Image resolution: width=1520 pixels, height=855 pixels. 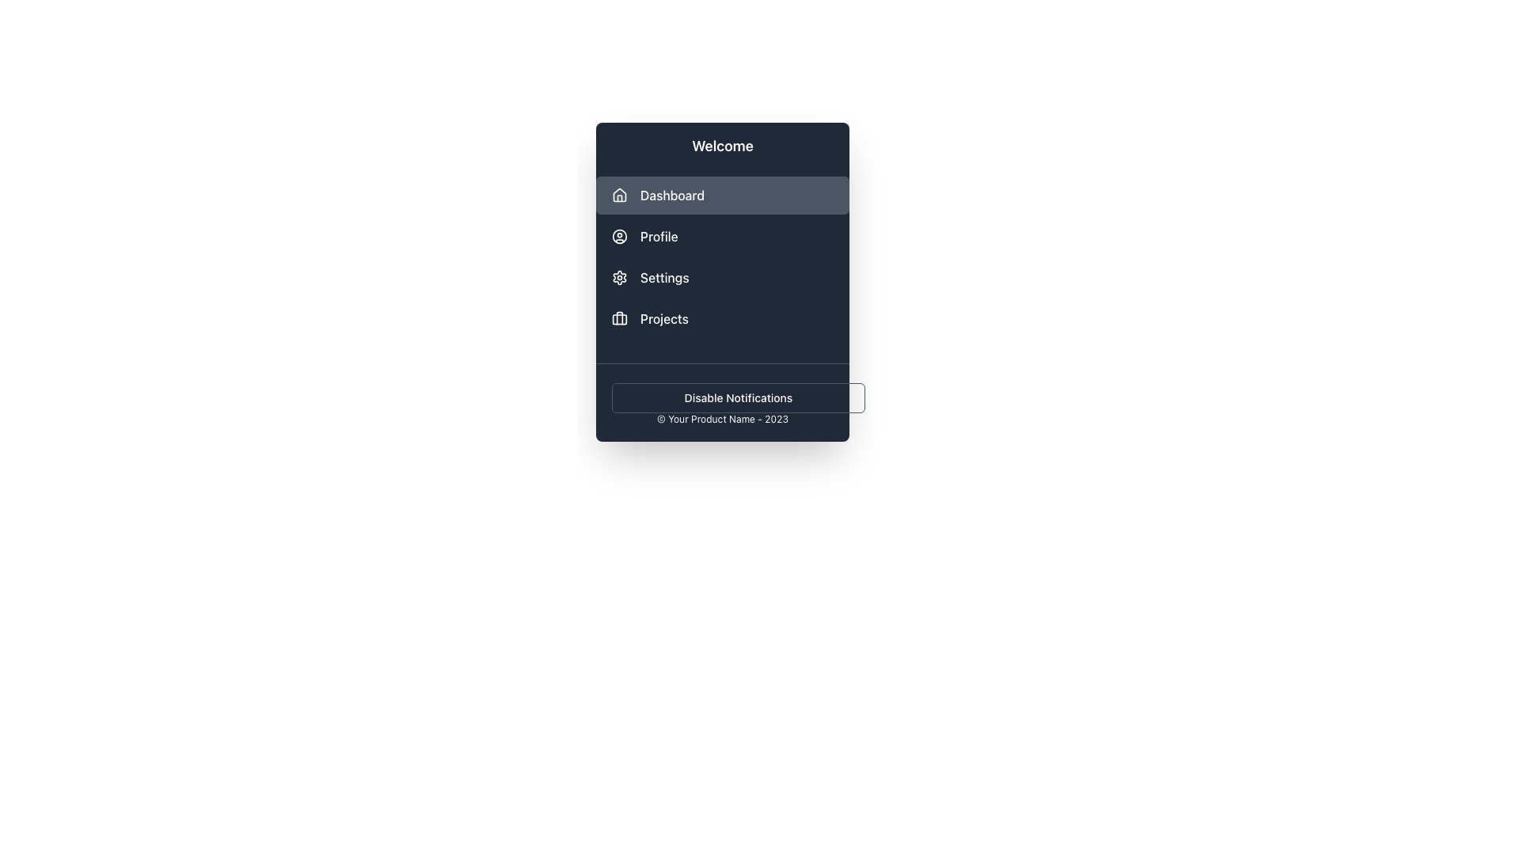 What do you see at coordinates (721, 318) in the screenshot?
I see `the 'Projects' button located in the sidebar, which is the fourth item in the vertical list of menu options` at bounding box center [721, 318].